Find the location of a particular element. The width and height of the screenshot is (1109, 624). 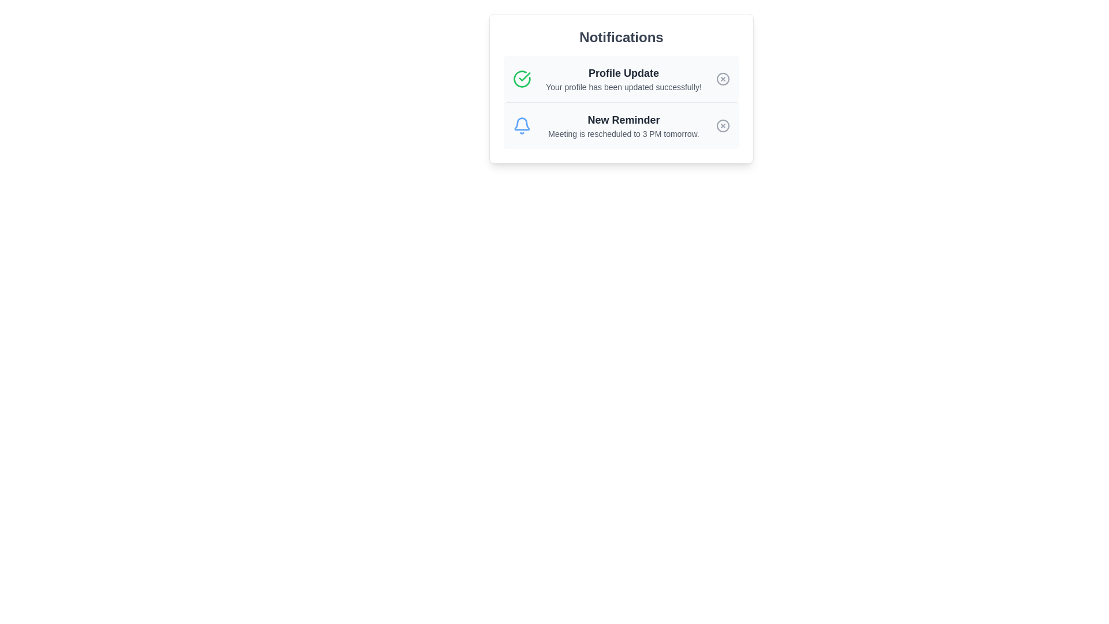

the text element displaying the message 'Meeting is rescheduled to 3 PM tomorrow.' which is styled in a small gray font and is located below the 'New Reminder' element in the notifications panel is located at coordinates (623, 133).